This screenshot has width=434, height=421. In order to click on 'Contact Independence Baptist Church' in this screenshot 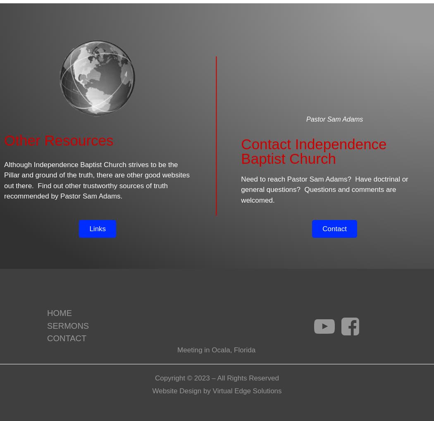, I will do `click(314, 151)`.